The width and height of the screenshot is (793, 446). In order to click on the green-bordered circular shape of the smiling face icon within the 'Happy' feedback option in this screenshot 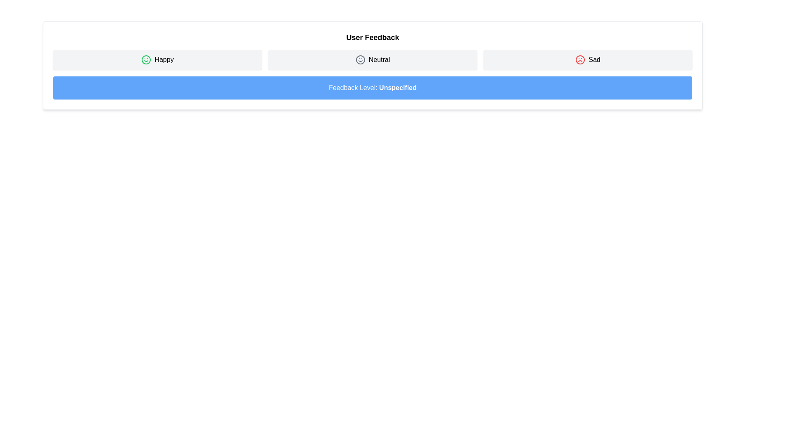, I will do `click(146, 59)`.